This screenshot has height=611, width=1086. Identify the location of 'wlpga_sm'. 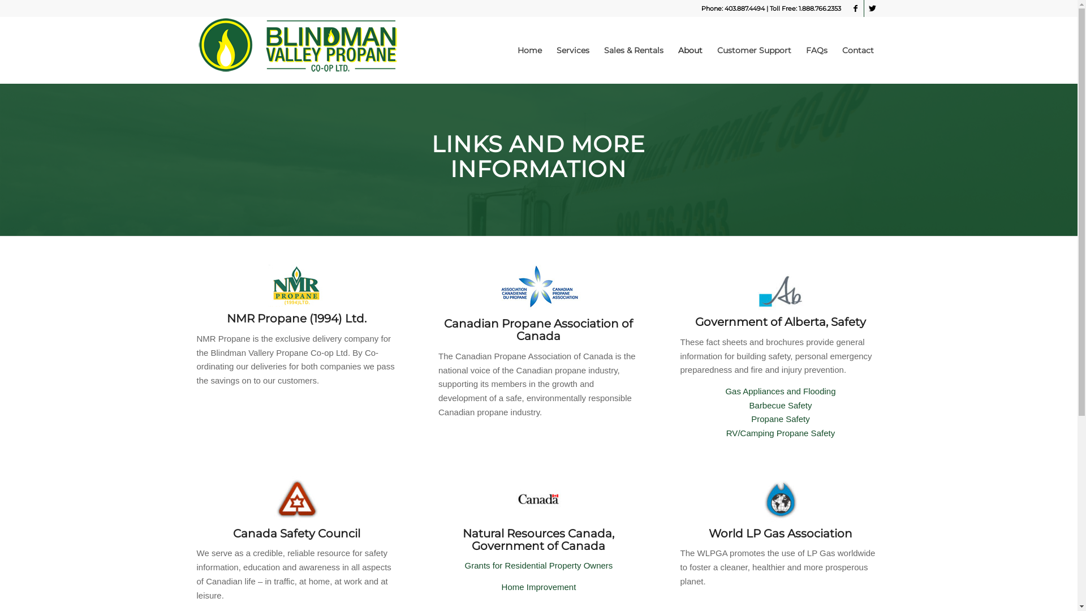
(780, 498).